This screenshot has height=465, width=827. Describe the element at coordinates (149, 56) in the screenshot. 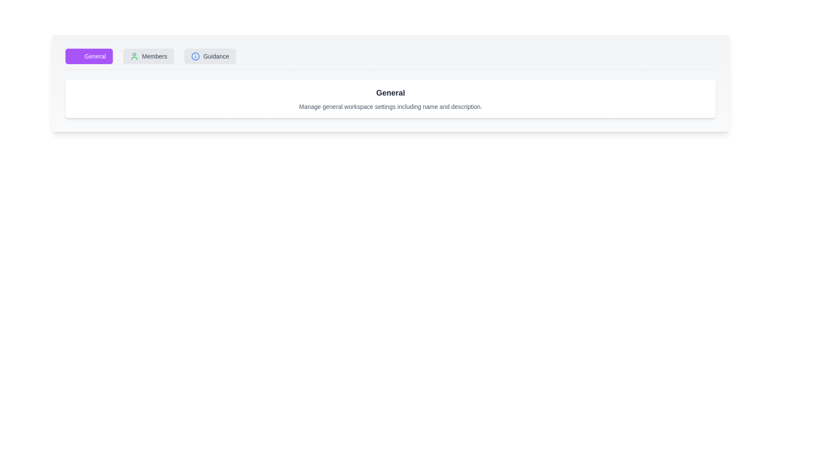

I see `the Members tab to view its content` at that location.